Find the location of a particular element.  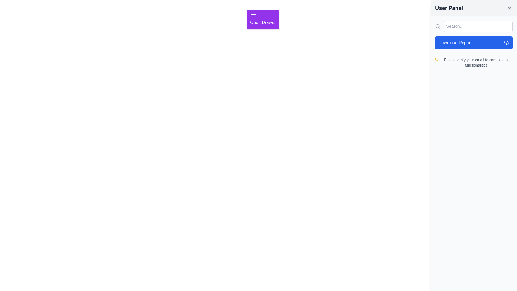

notification message about verifying the email located in the User Panel, below the Download Report button and next to the alert icon is located at coordinates (474, 61).